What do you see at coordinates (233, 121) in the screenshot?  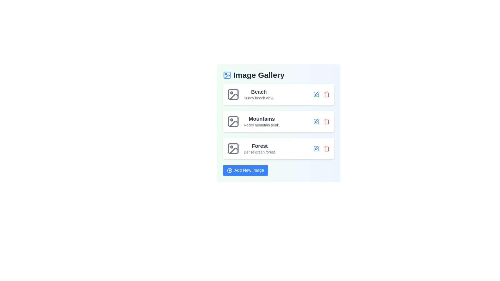 I see `the image icon corresponding to Mountains to view or replace the image` at bounding box center [233, 121].